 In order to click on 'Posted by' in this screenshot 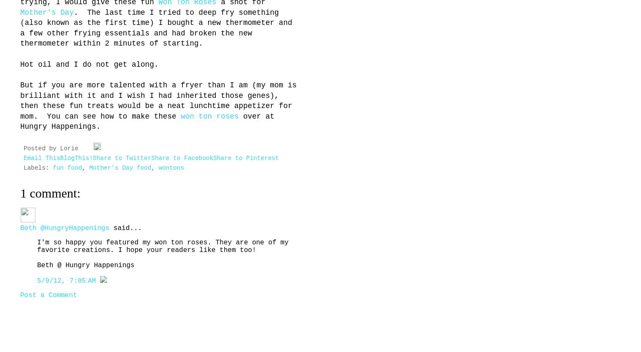, I will do `click(41, 148)`.